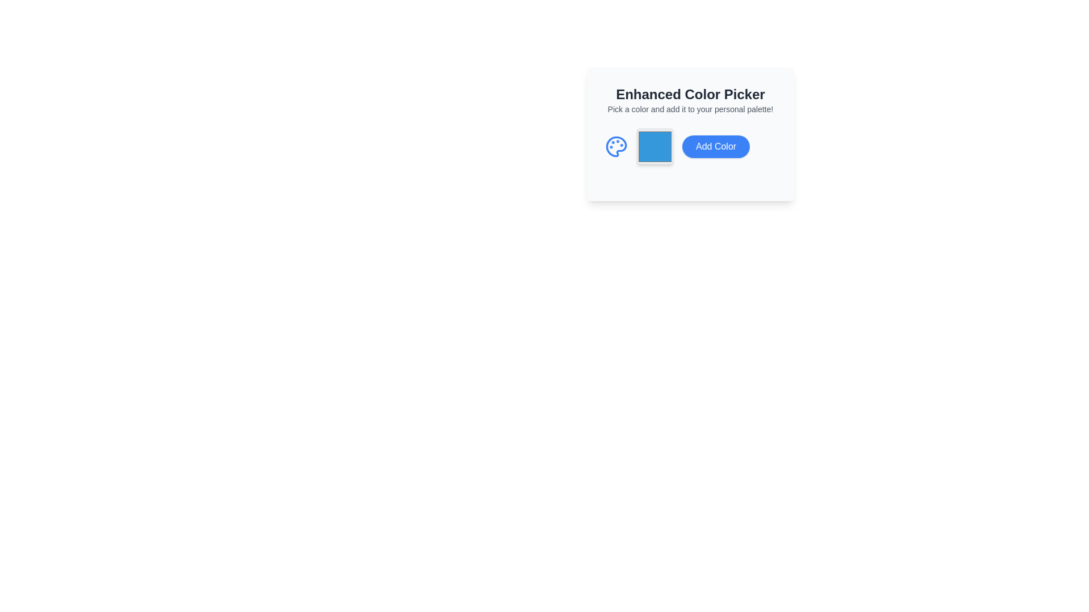 The image size is (1089, 612). Describe the element at coordinates (690, 155) in the screenshot. I see `the 'Add Color' button in the 'Enhanced Color Picker' for accessibility navigation` at that location.